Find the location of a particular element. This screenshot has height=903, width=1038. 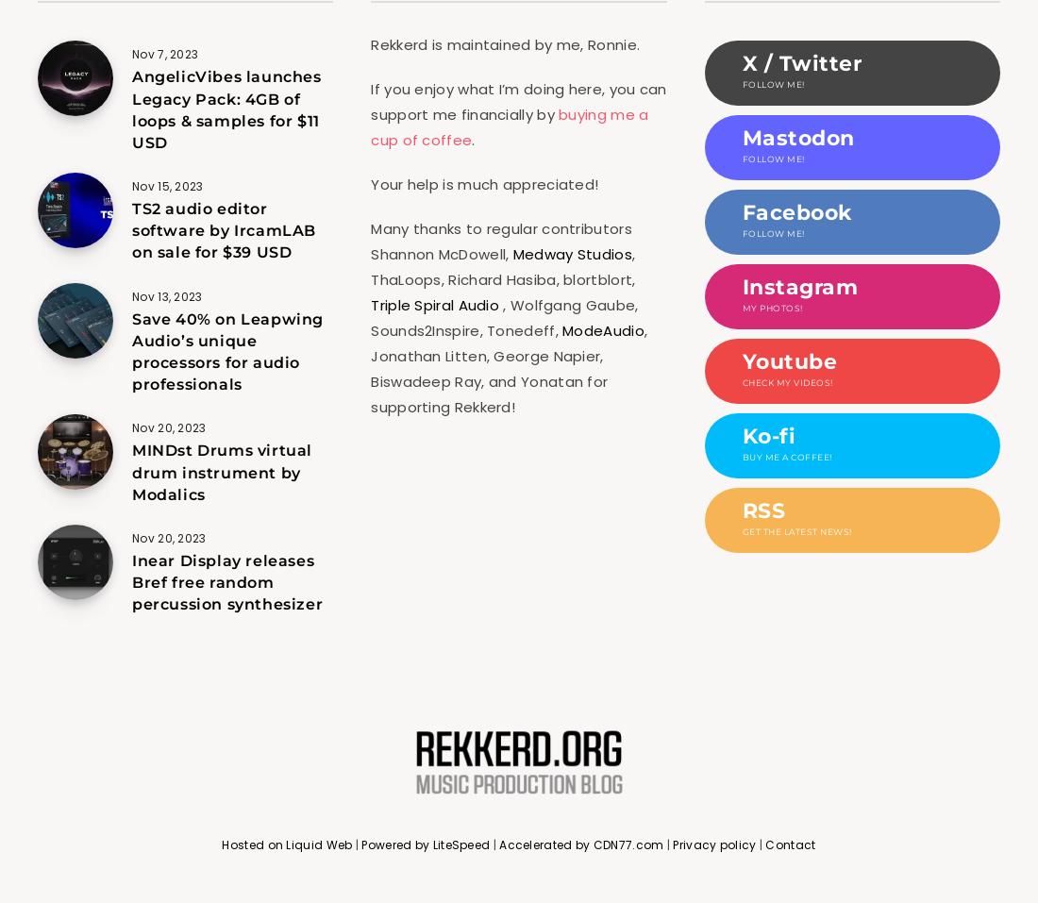

'TS2 audio editor software by IrcamLAB on sale for $39 USD' is located at coordinates (224, 229).